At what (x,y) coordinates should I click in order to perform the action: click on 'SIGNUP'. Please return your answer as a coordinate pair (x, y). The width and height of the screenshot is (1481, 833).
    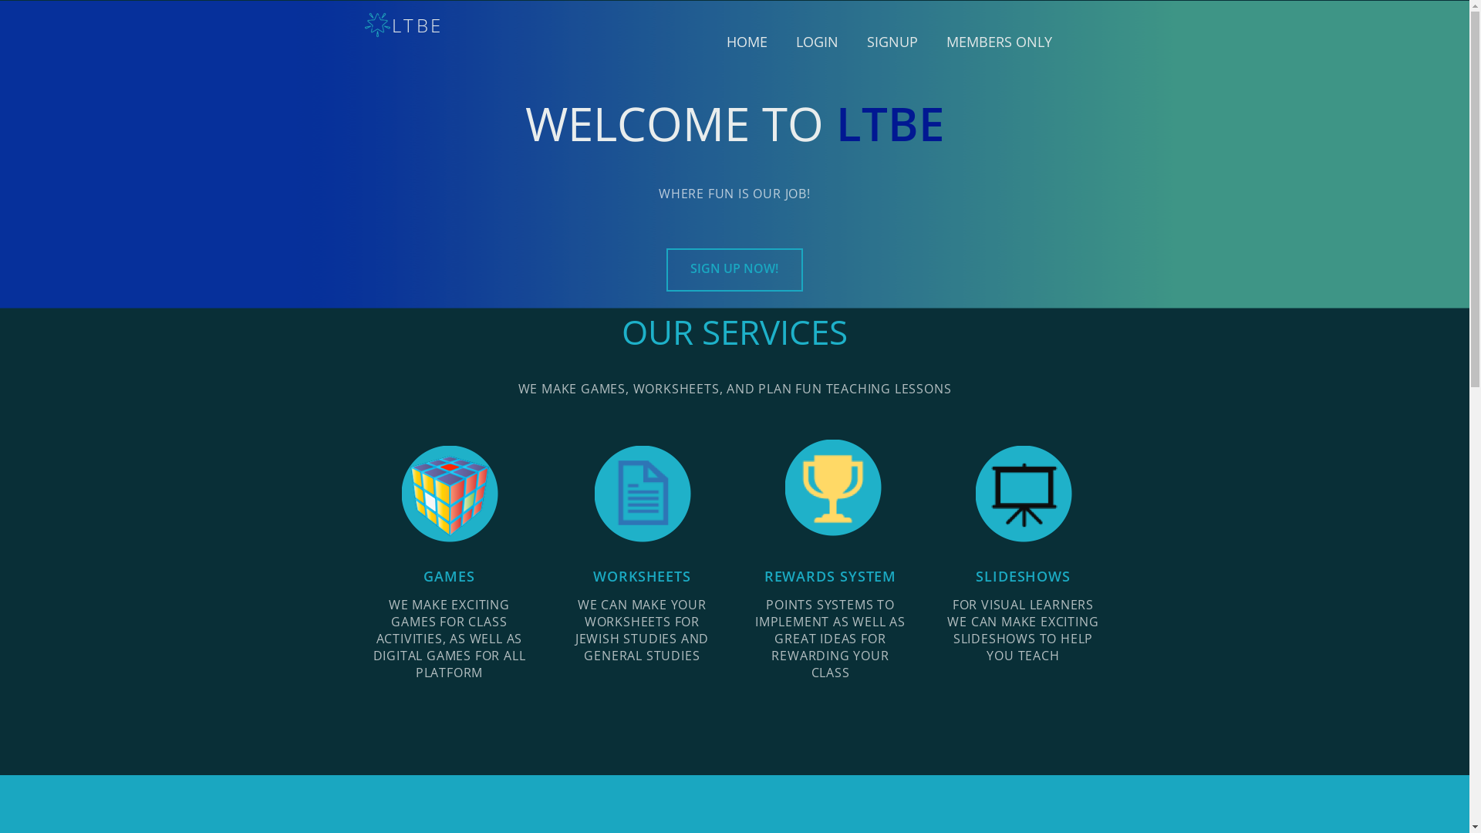
    Looking at the image, I should click on (892, 41).